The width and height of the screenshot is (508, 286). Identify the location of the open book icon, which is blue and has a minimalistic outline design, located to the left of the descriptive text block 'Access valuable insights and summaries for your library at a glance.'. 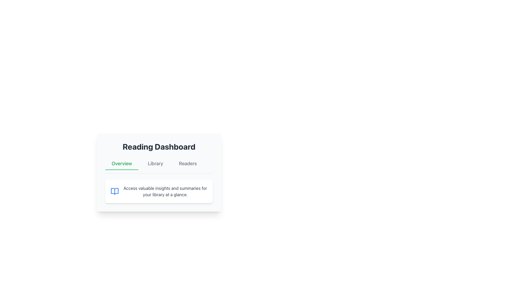
(114, 191).